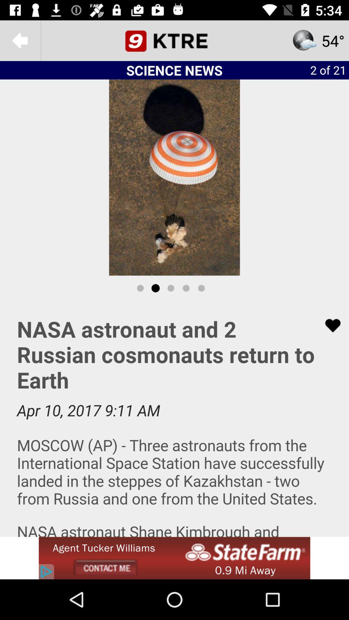  What do you see at coordinates (174, 40) in the screenshot?
I see `logo option button` at bounding box center [174, 40].